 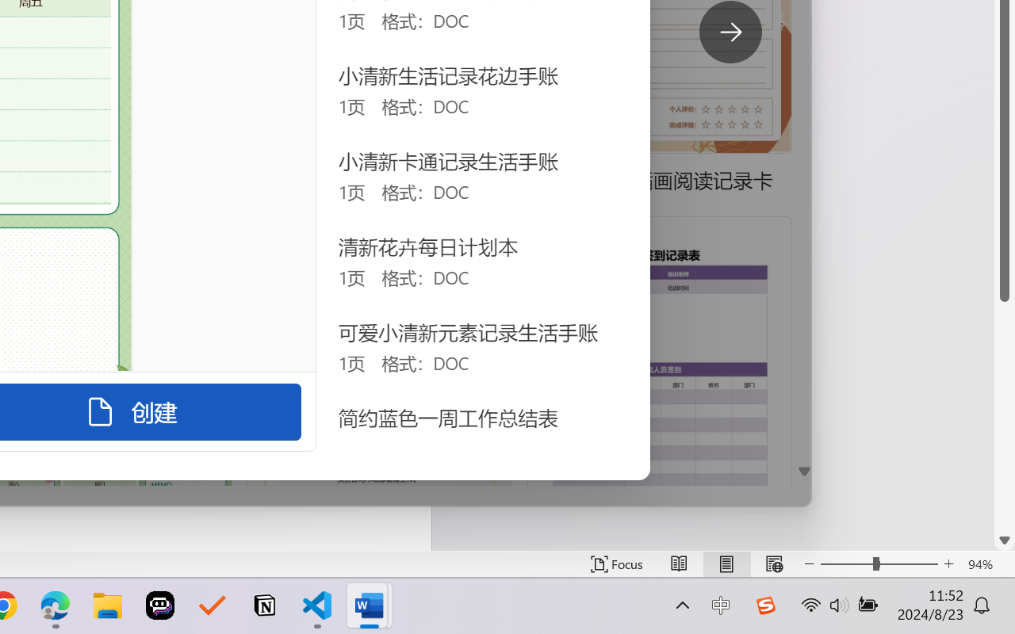 I want to click on 'Line down', so click(x=1004, y=540).